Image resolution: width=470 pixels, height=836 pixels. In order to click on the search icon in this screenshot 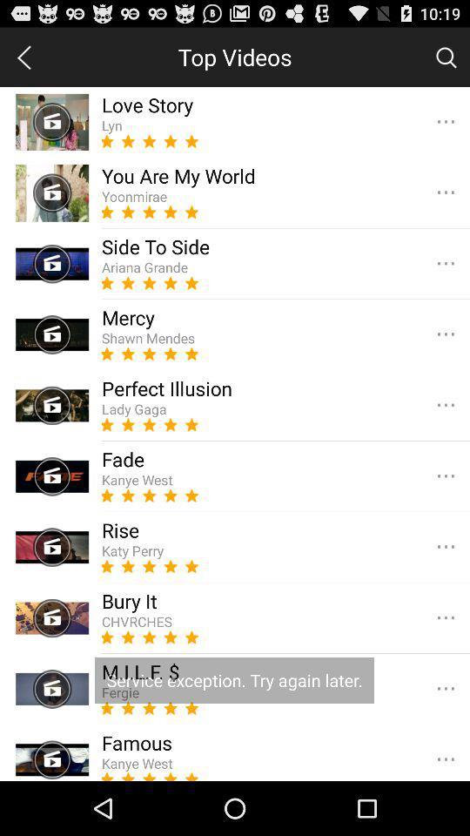, I will do `click(446, 61)`.